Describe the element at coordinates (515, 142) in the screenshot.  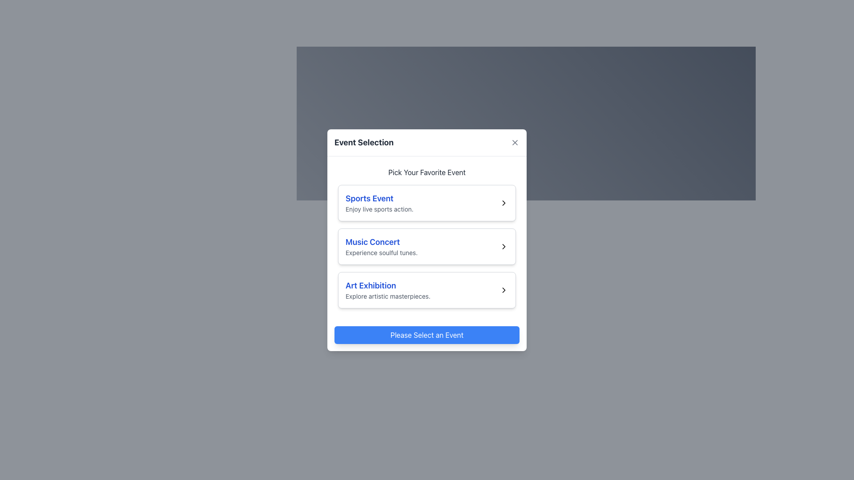
I see `the Close icon, which is a diagonal cross styled with thin lines in the top-right corner of the modal header` at that location.